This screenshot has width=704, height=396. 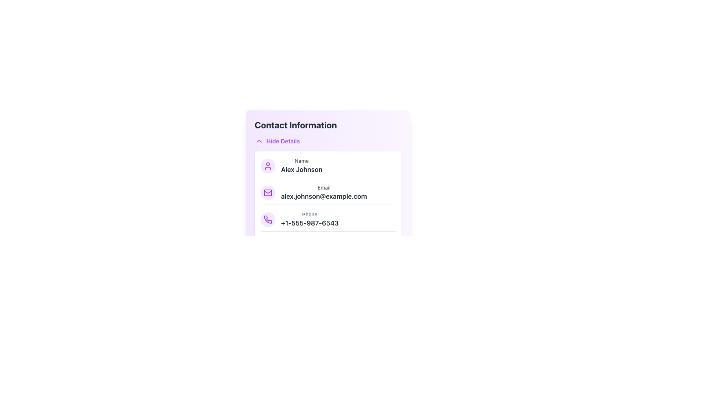 I want to click on the 'Hide Details' button, which is a text link styled in purple font with bold weight, located below the 'Contact Information' header, so click(x=277, y=141).